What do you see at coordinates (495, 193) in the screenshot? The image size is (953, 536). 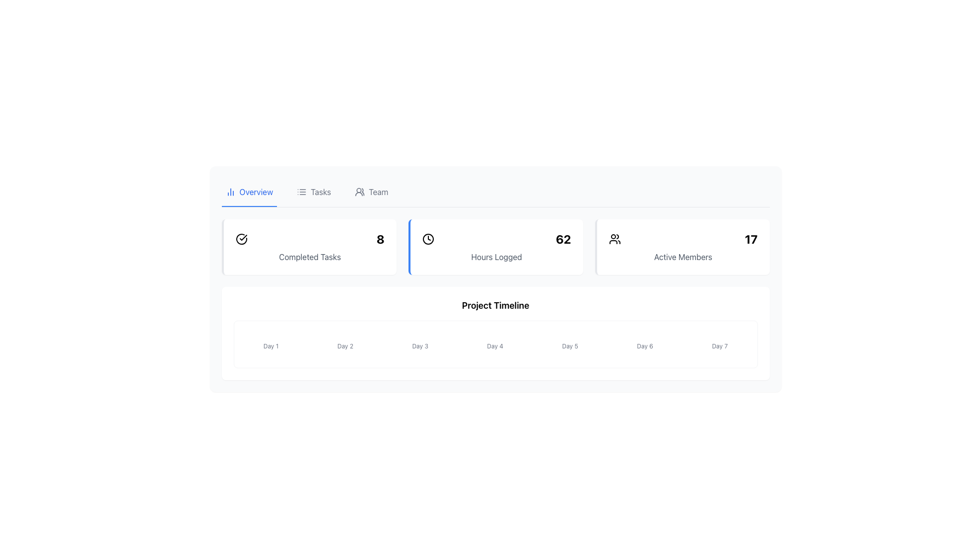 I see `a tab in the Tab Navigation Bar located at the top of the application` at bounding box center [495, 193].